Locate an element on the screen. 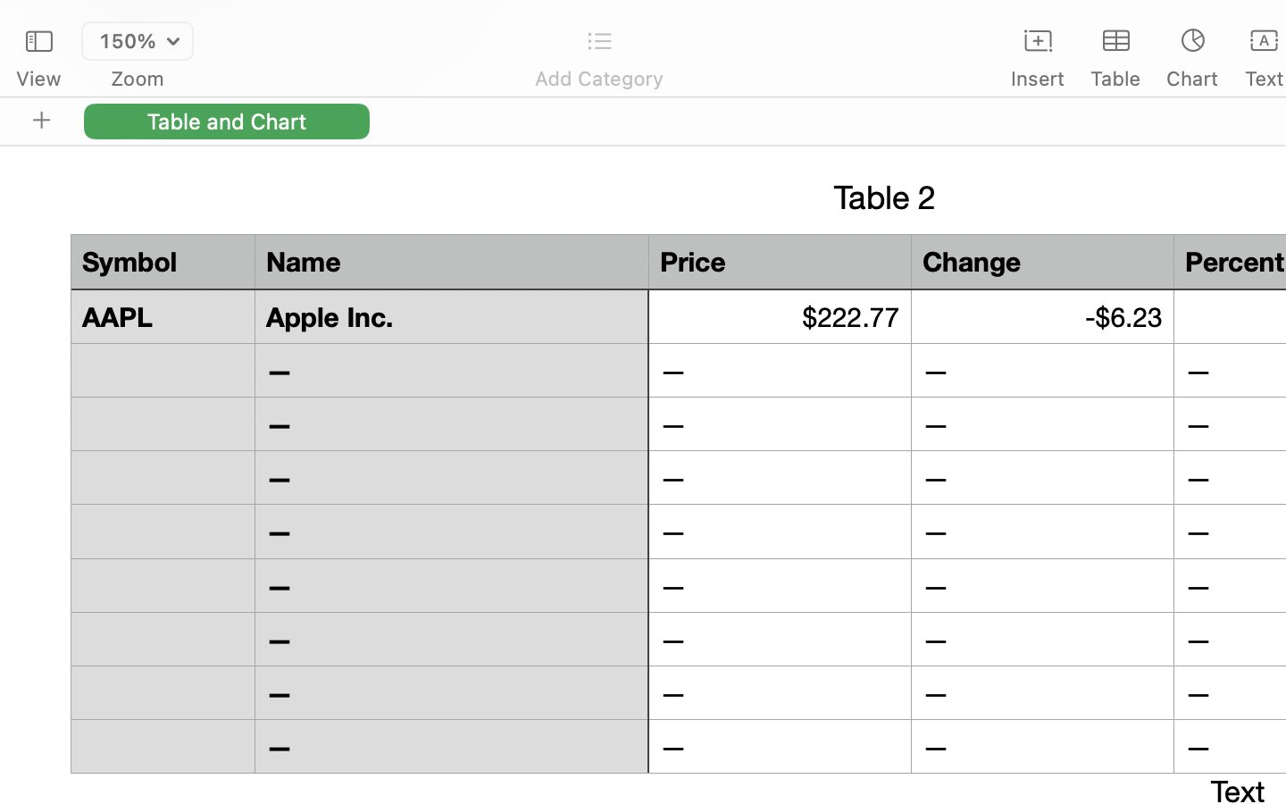  'View' is located at coordinates (38, 78).